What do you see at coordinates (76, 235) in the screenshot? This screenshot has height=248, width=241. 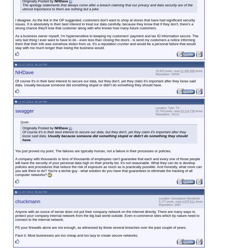 I see `'Face it. Most businesses are too cheap and too lazy to create secure networks.'` at bounding box center [76, 235].